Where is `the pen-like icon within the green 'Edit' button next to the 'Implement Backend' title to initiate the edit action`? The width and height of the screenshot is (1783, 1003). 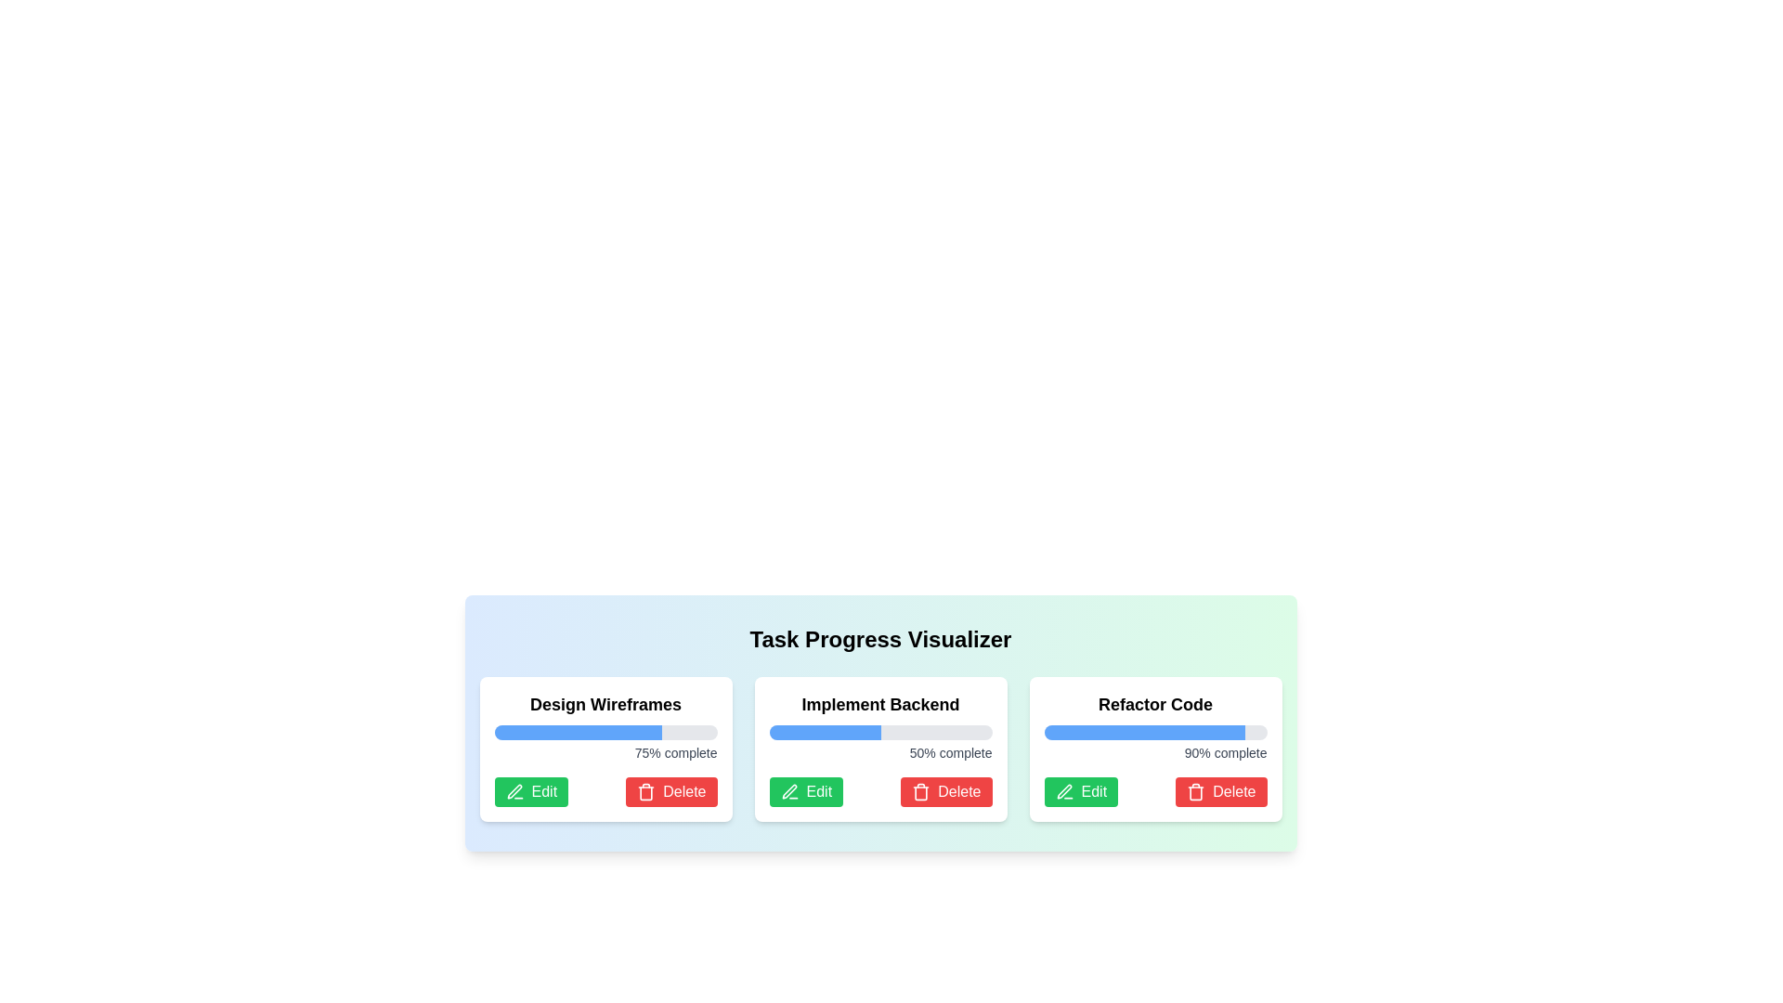
the pen-like icon within the green 'Edit' button next to the 'Implement Backend' title to initiate the edit action is located at coordinates (788, 791).